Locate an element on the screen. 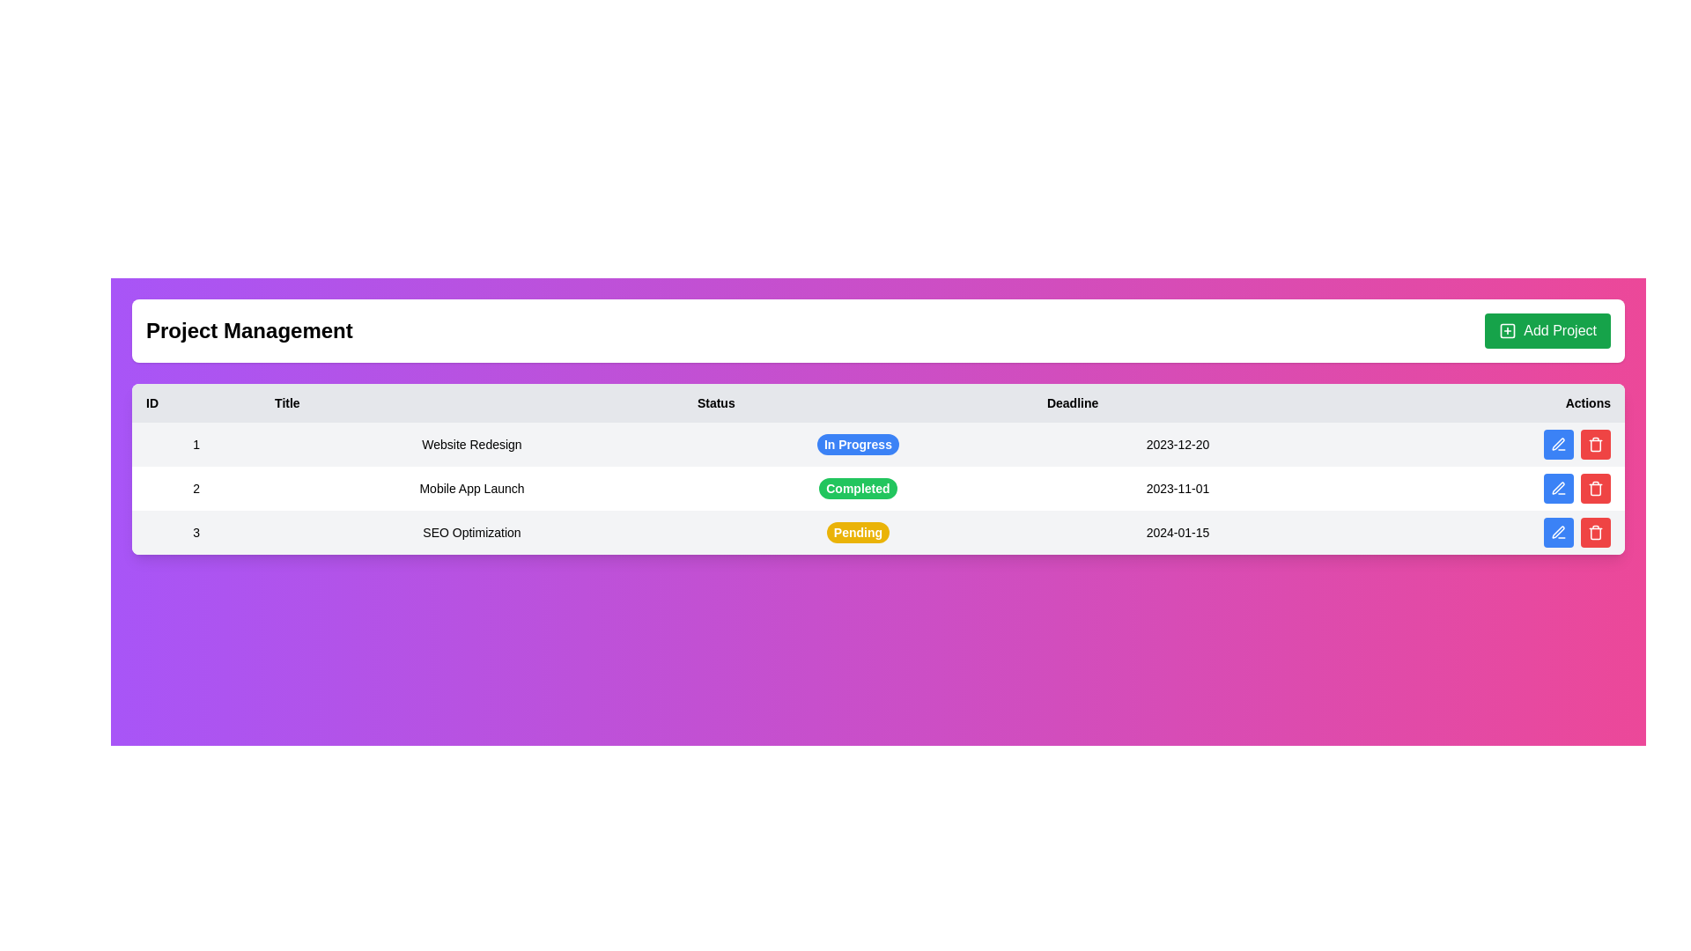 Image resolution: width=1691 pixels, height=951 pixels. the delete icon button located in the 'Actions' column of the last row for the project titled 'SEO Optimization' is located at coordinates (1595, 444).